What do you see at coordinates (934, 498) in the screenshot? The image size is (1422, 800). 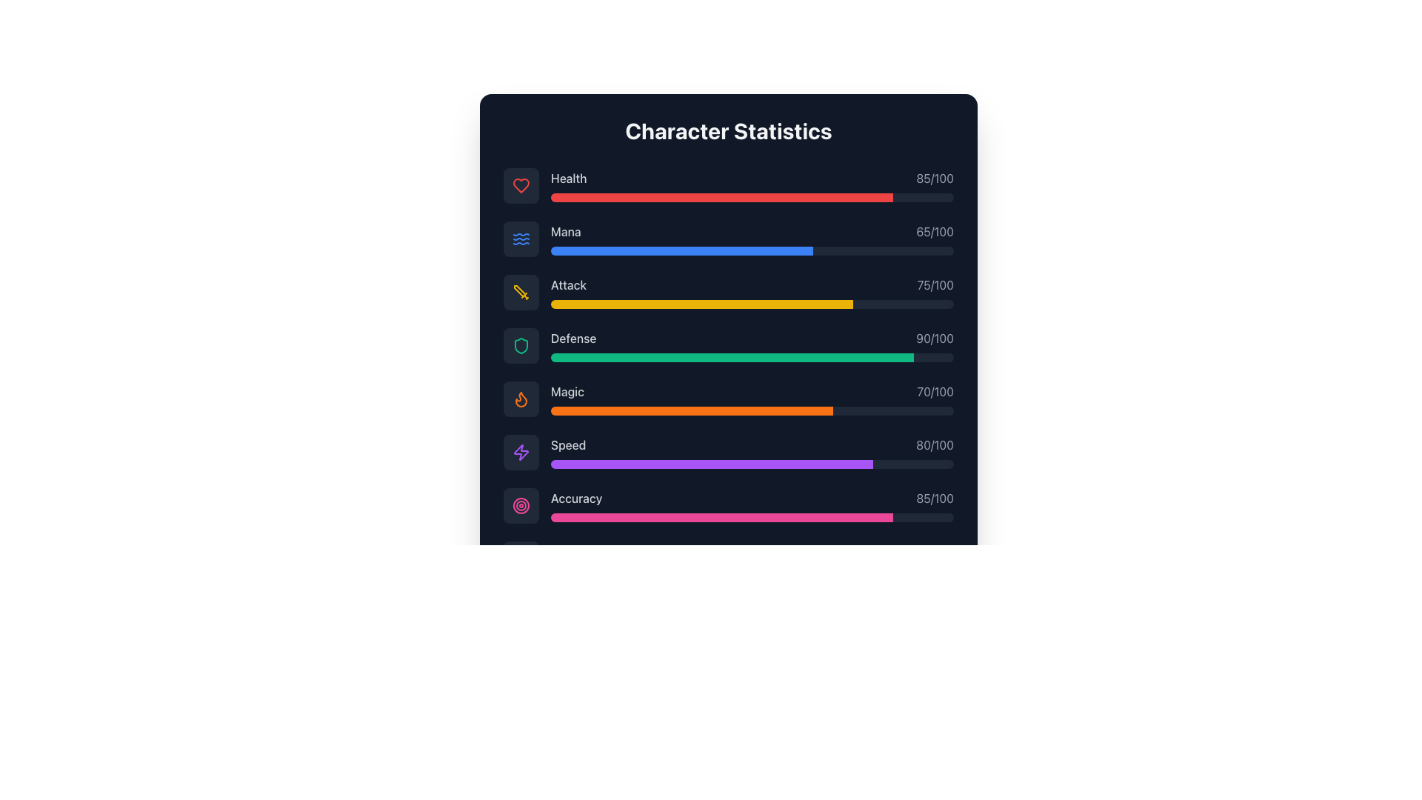 I see `the text field displaying '85/100' in gray font, positioned at the bottom right of the 'Accuracy' row in the character attributes list` at bounding box center [934, 498].